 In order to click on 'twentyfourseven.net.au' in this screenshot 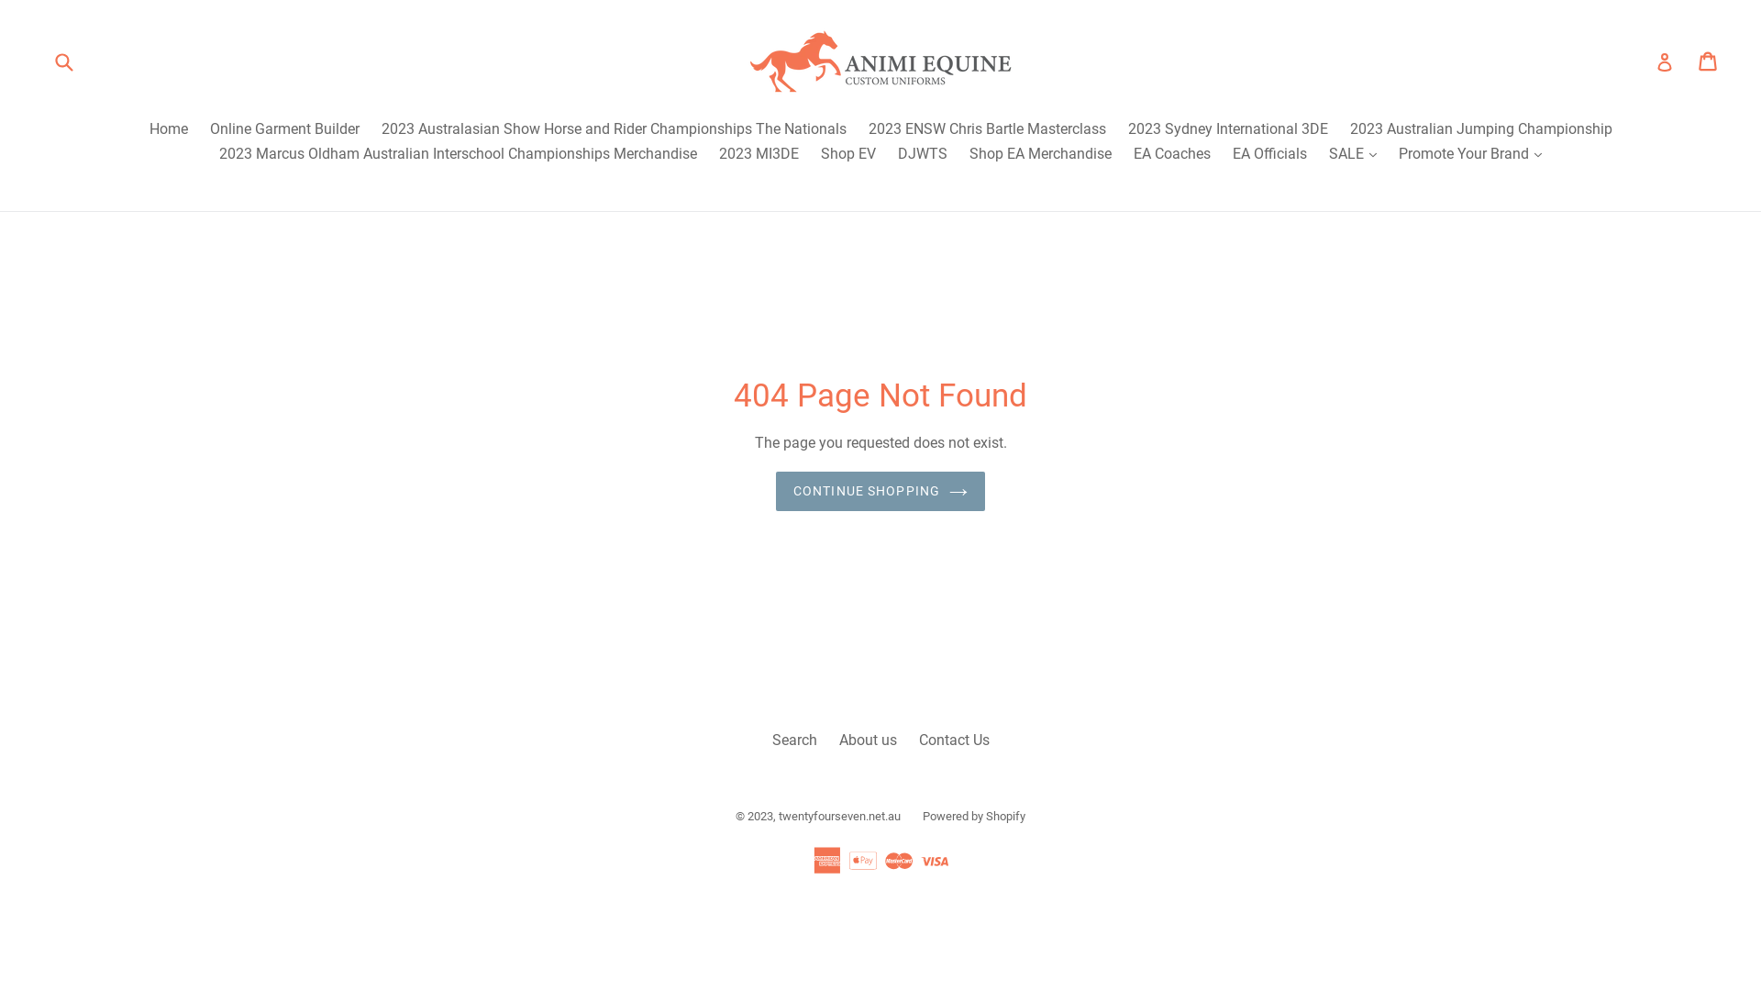, I will do `click(838, 815)`.